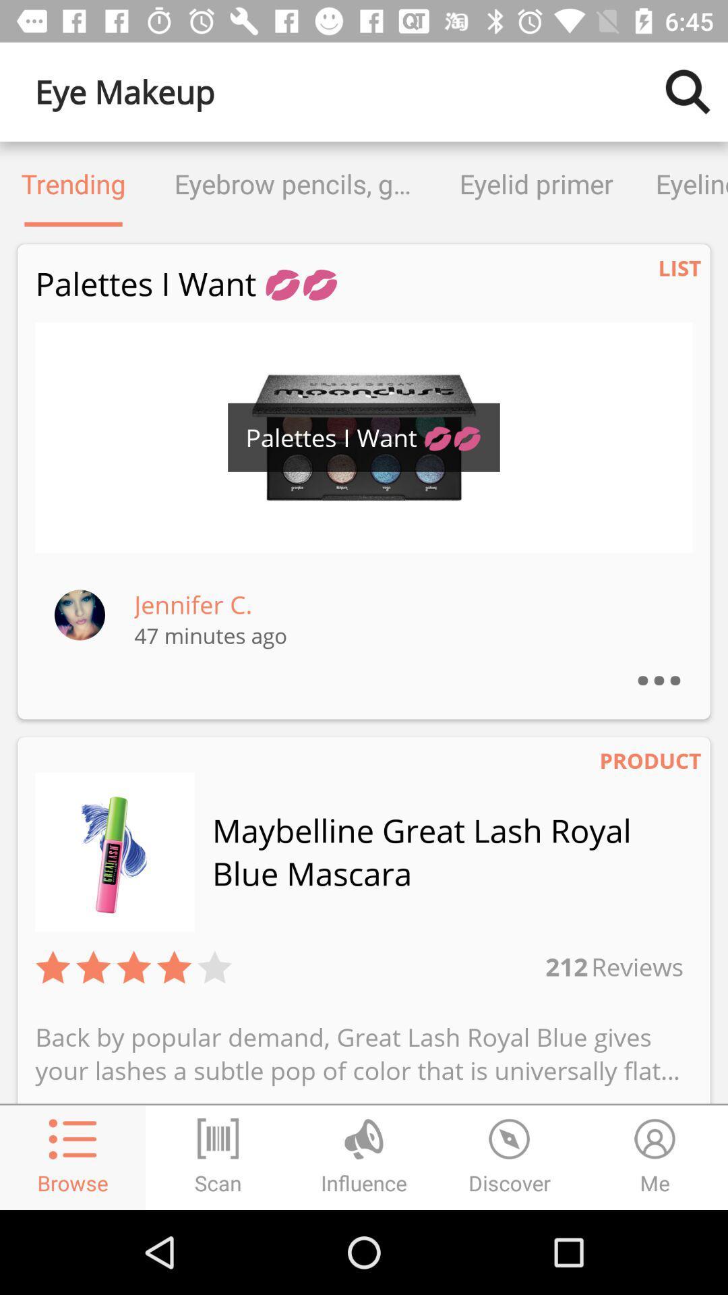 This screenshot has width=728, height=1295. I want to click on jennifer c. icon, so click(193, 604).